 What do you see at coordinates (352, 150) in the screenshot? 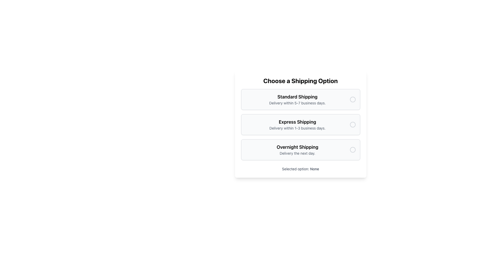
I see `the circular icon outlined with a thin border and filled with a light gray shade, located to the right of the 'Overnight Shipping' label within the third option of the 'Choose a Shipping Option' section` at bounding box center [352, 150].